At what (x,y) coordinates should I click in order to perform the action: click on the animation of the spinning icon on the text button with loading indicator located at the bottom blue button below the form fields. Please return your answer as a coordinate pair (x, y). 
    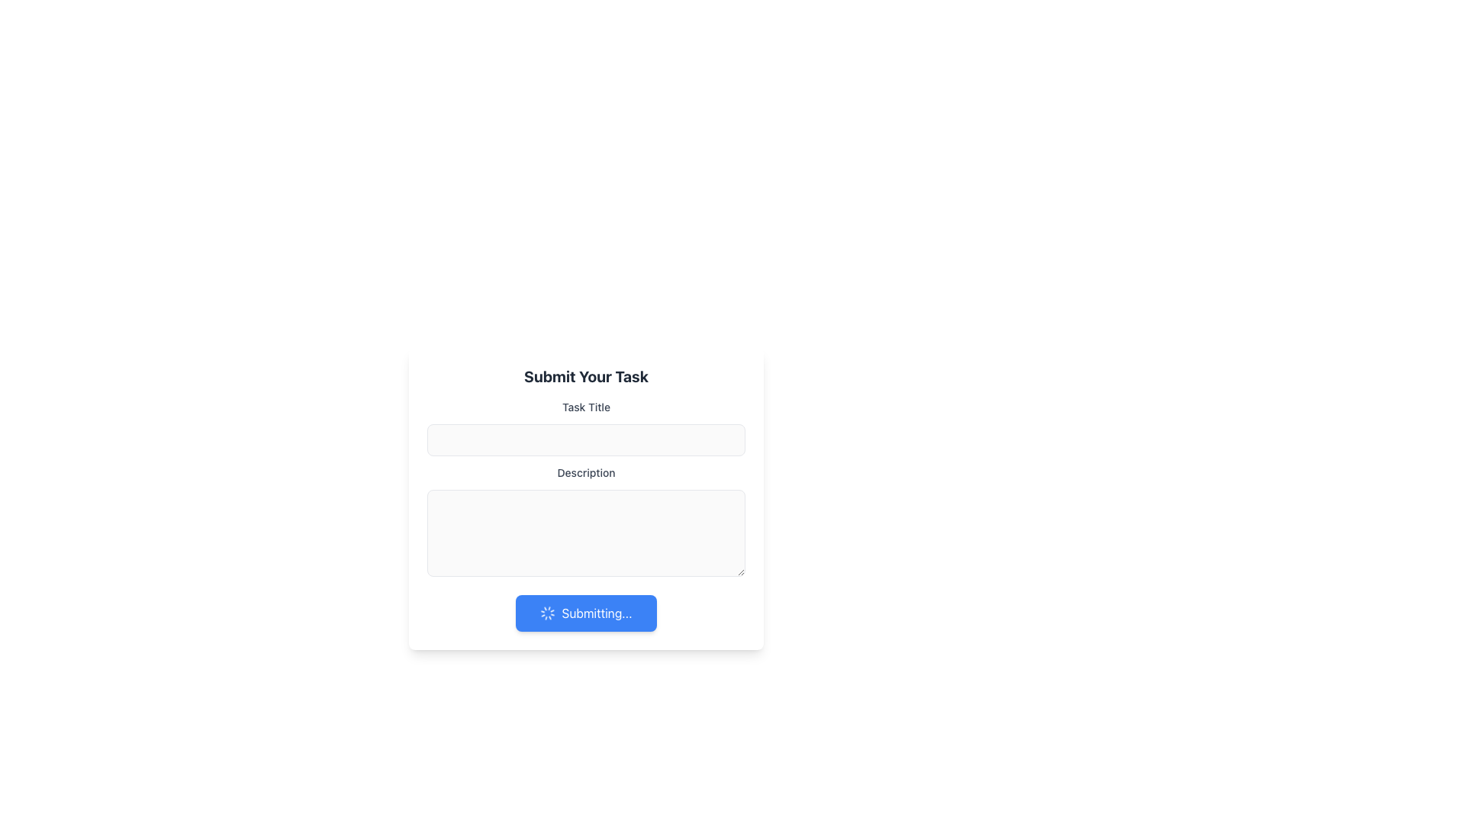
    Looking at the image, I should click on (585, 612).